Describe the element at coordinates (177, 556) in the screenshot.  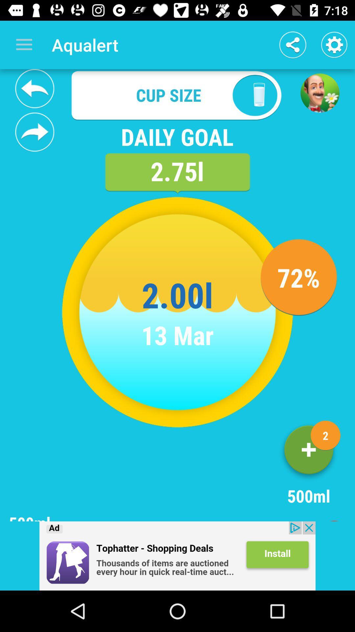
I see `advertisement link` at that location.